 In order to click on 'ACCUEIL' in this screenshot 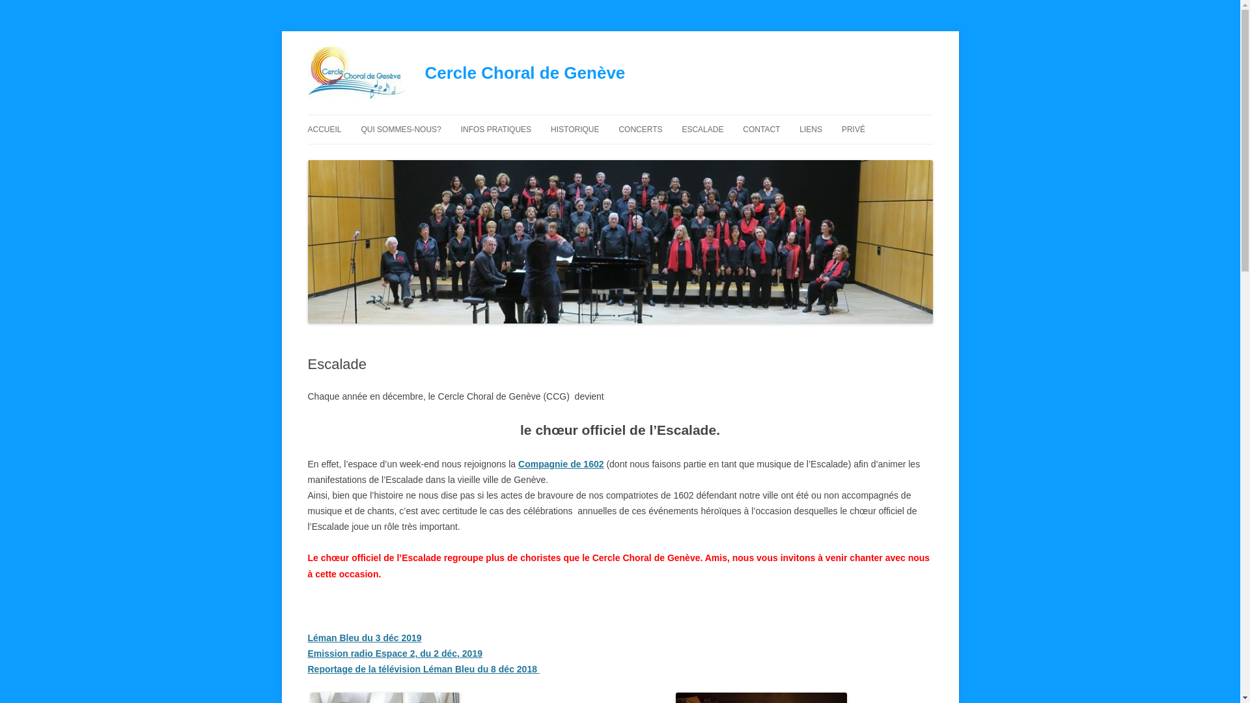, I will do `click(324, 130)`.